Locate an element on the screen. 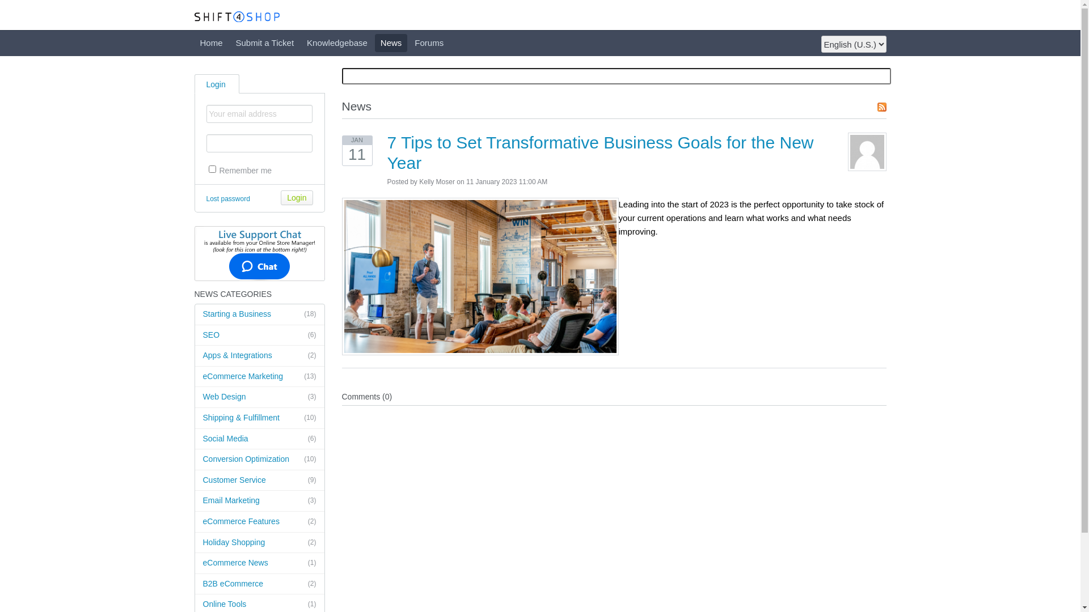  'RSS Feed' is located at coordinates (881, 106).